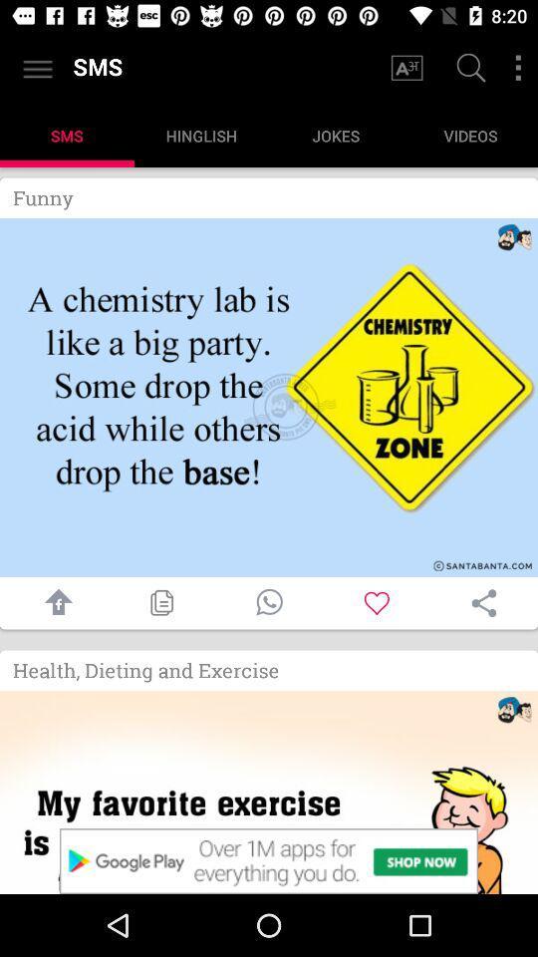 This screenshot has width=538, height=957. I want to click on share the image on whatsapp, so click(269, 602).